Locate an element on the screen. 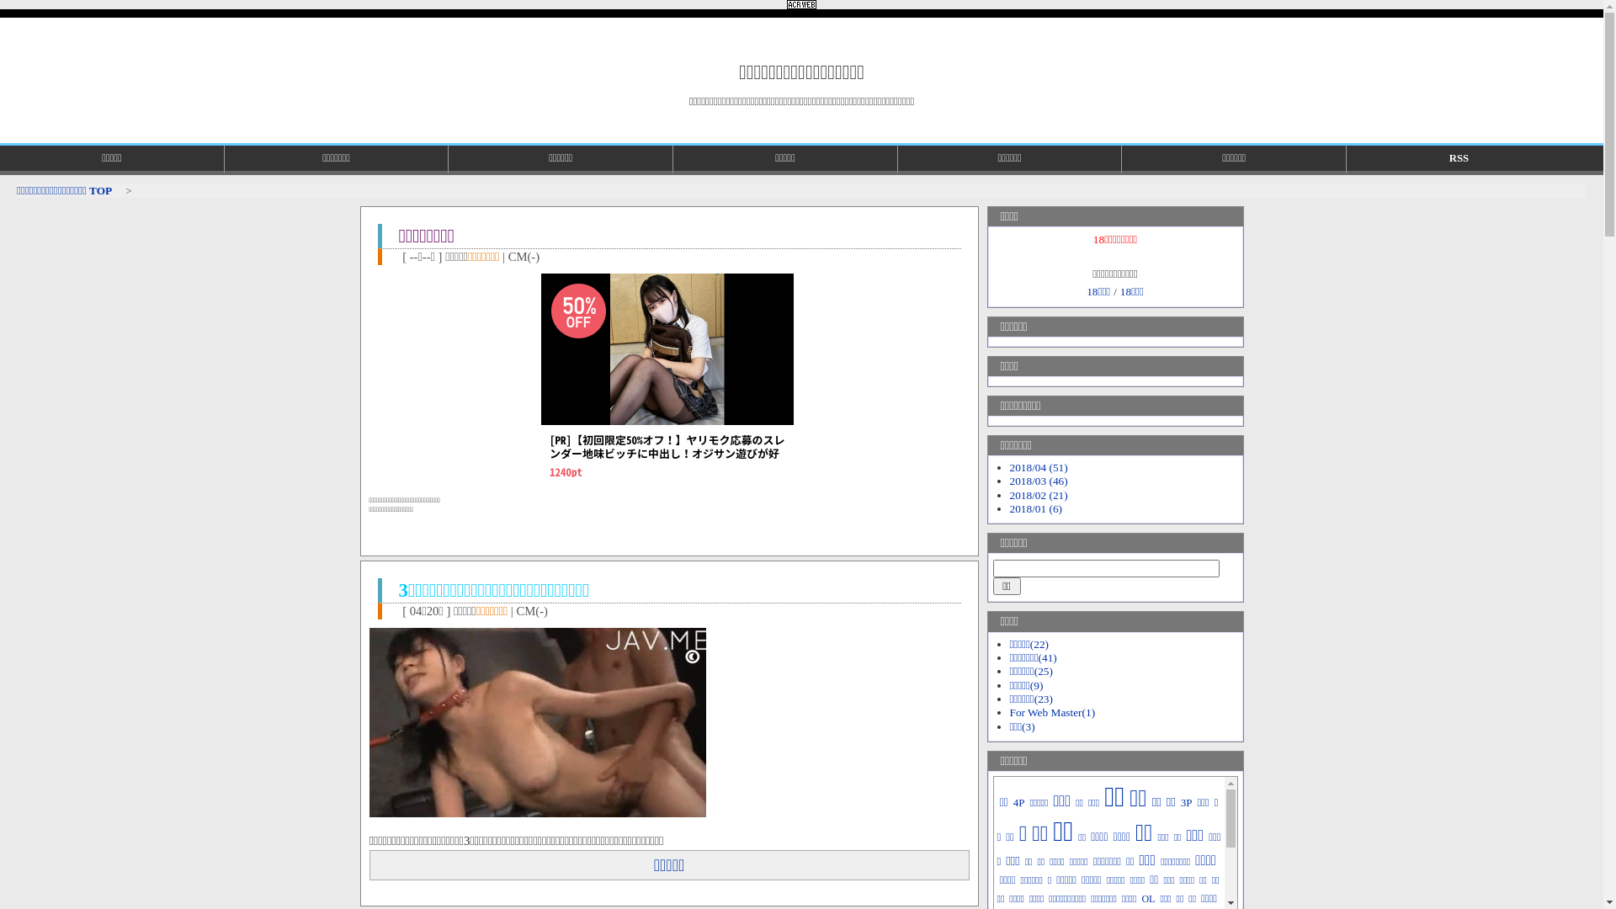 Image resolution: width=1616 pixels, height=909 pixels. 'OL' is located at coordinates (1146, 898).